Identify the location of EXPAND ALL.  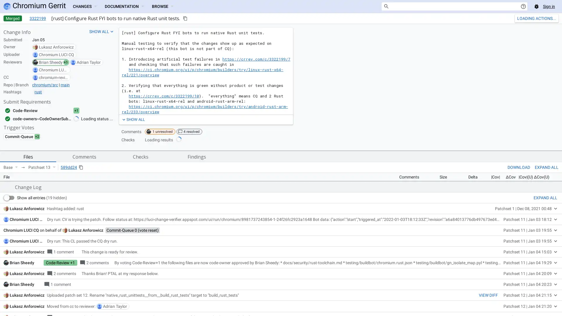
(546, 167).